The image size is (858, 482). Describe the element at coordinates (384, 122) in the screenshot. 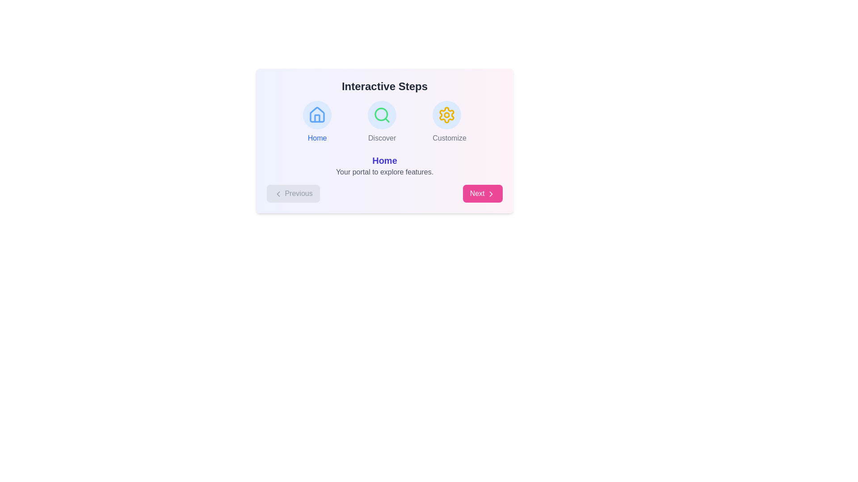

I see `the 'Discover' icon in the Navigation menu` at that location.